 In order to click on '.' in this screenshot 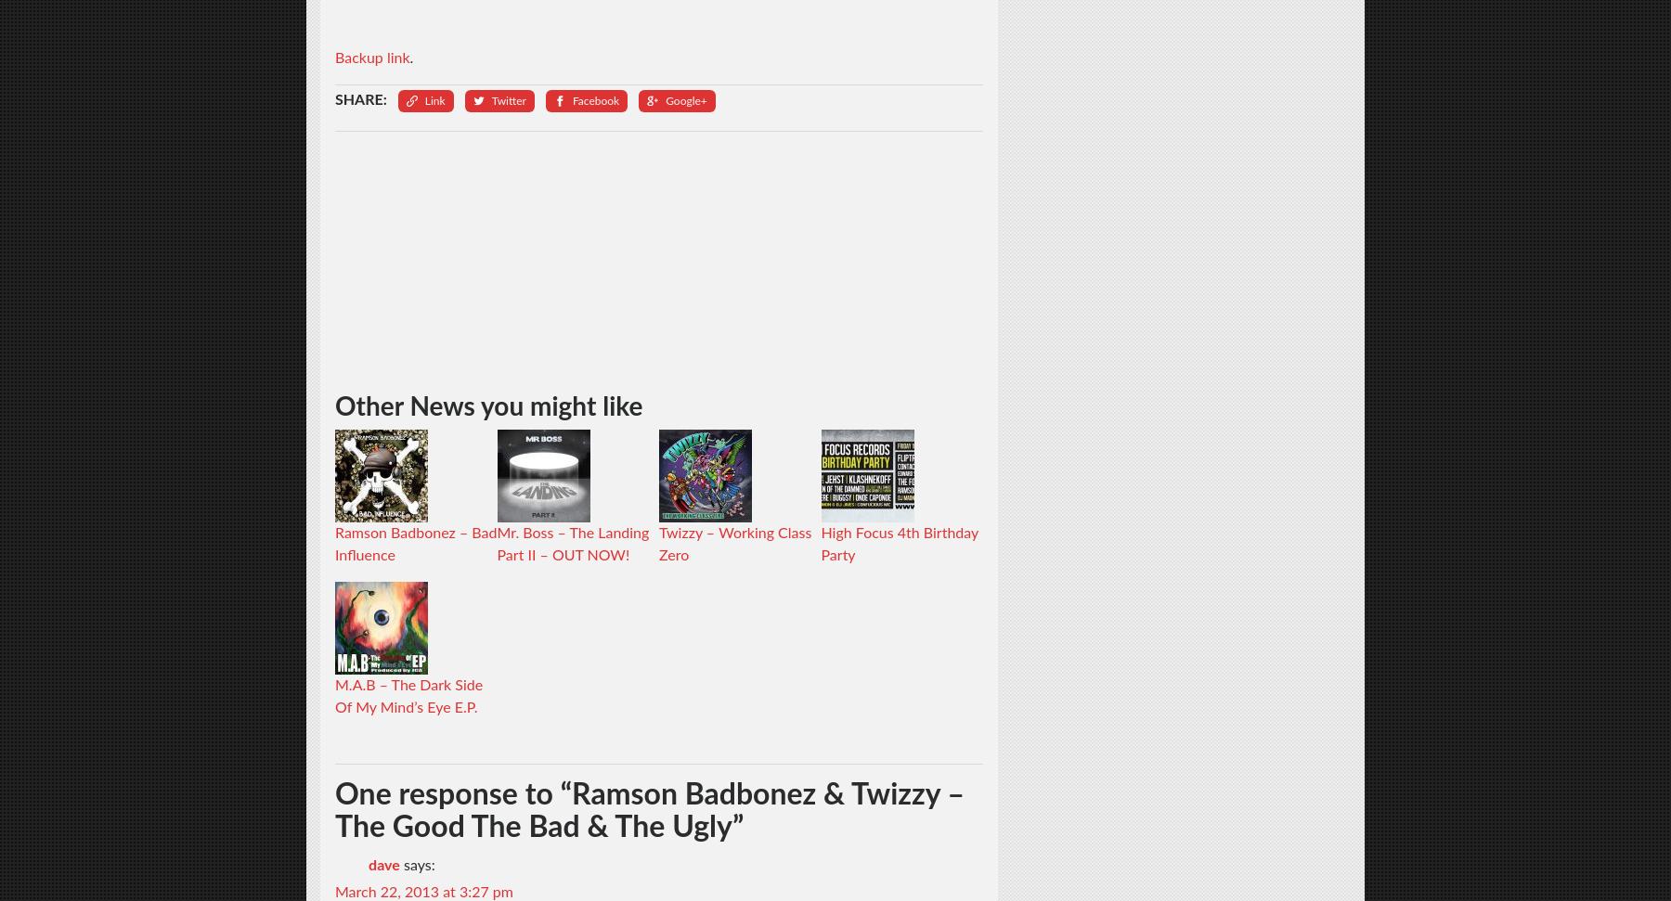, I will do `click(410, 57)`.